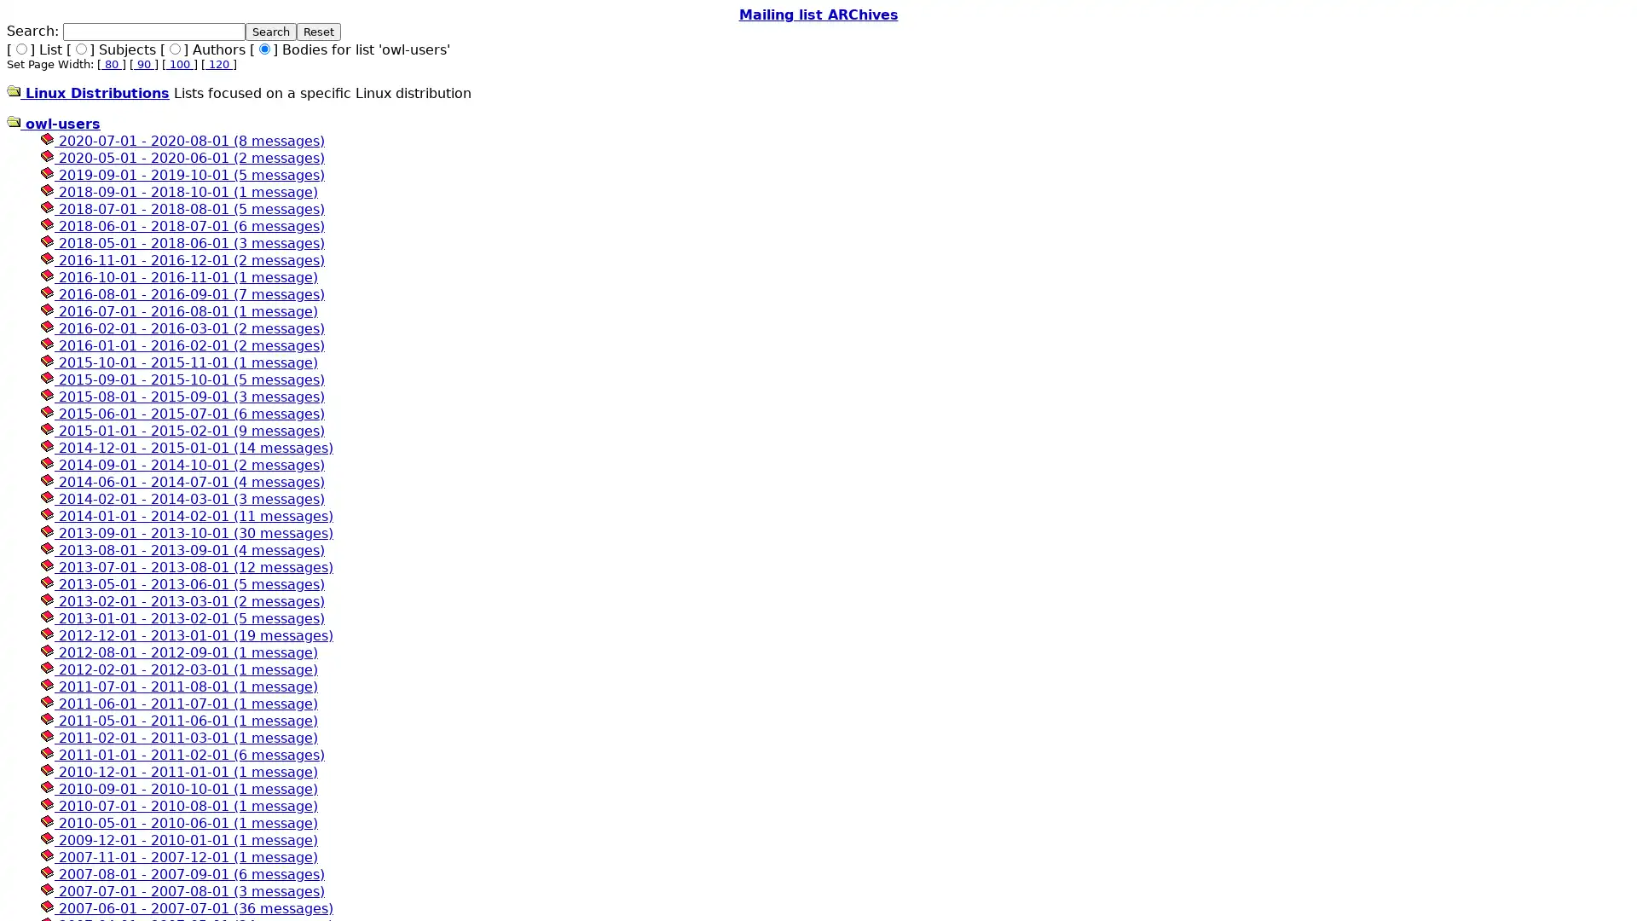  Describe the element at coordinates (269, 32) in the screenshot. I see `Search` at that location.